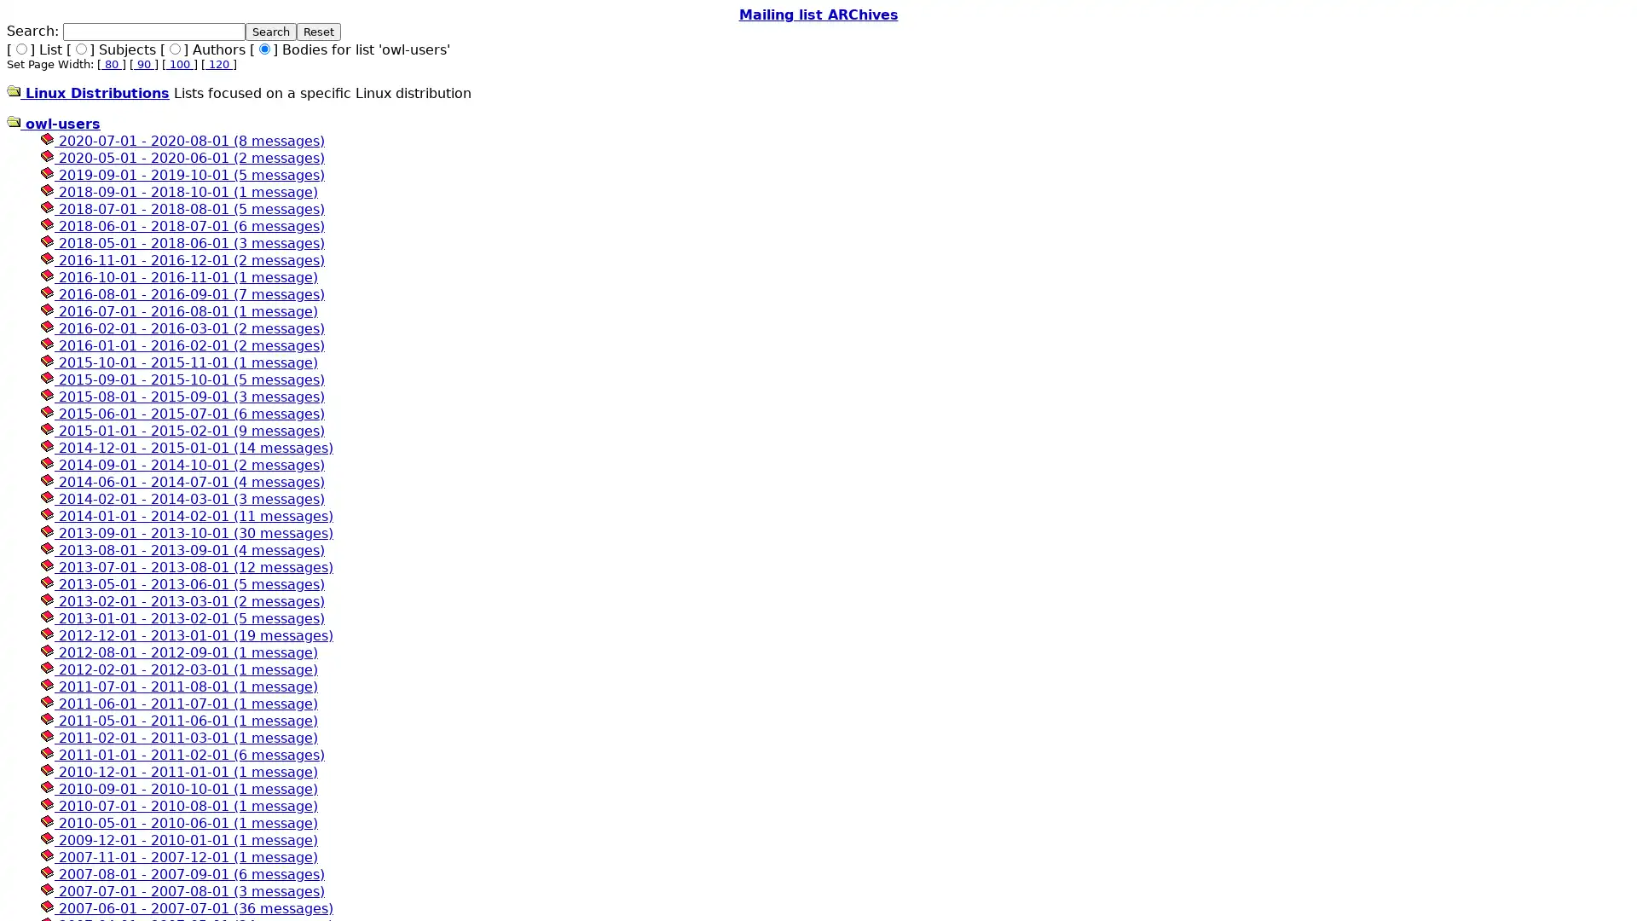  Describe the element at coordinates (269, 32) in the screenshot. I see `Search` at that location.